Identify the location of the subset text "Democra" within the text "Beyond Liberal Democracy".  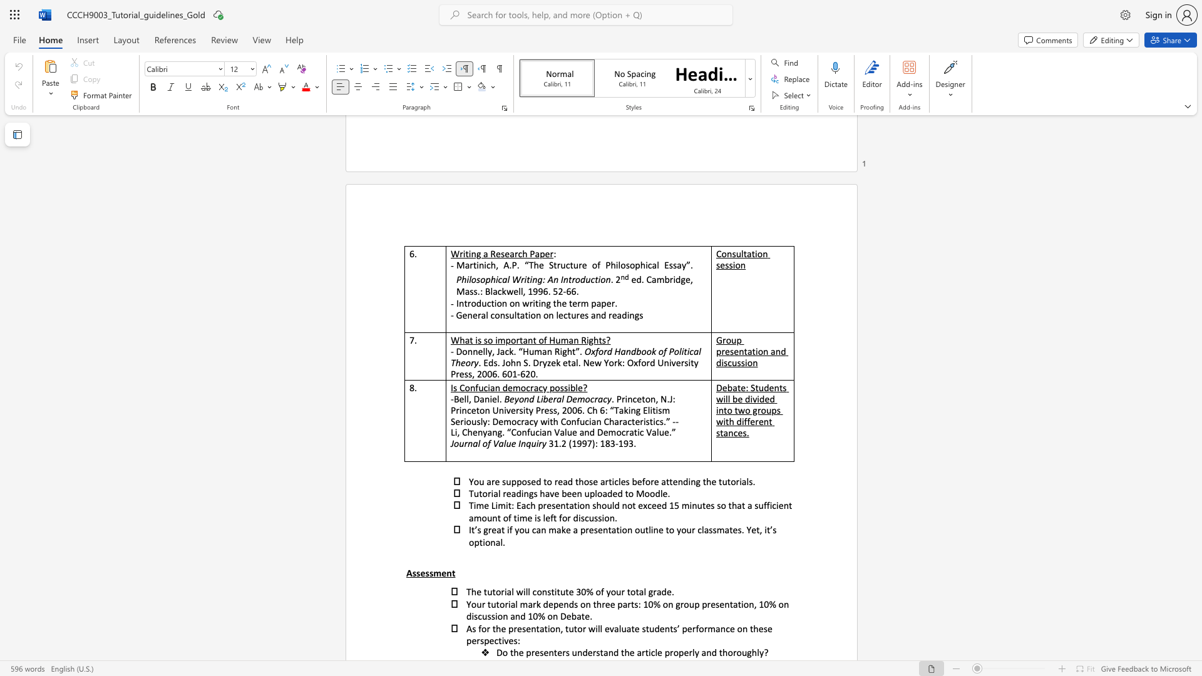
(565, 399).